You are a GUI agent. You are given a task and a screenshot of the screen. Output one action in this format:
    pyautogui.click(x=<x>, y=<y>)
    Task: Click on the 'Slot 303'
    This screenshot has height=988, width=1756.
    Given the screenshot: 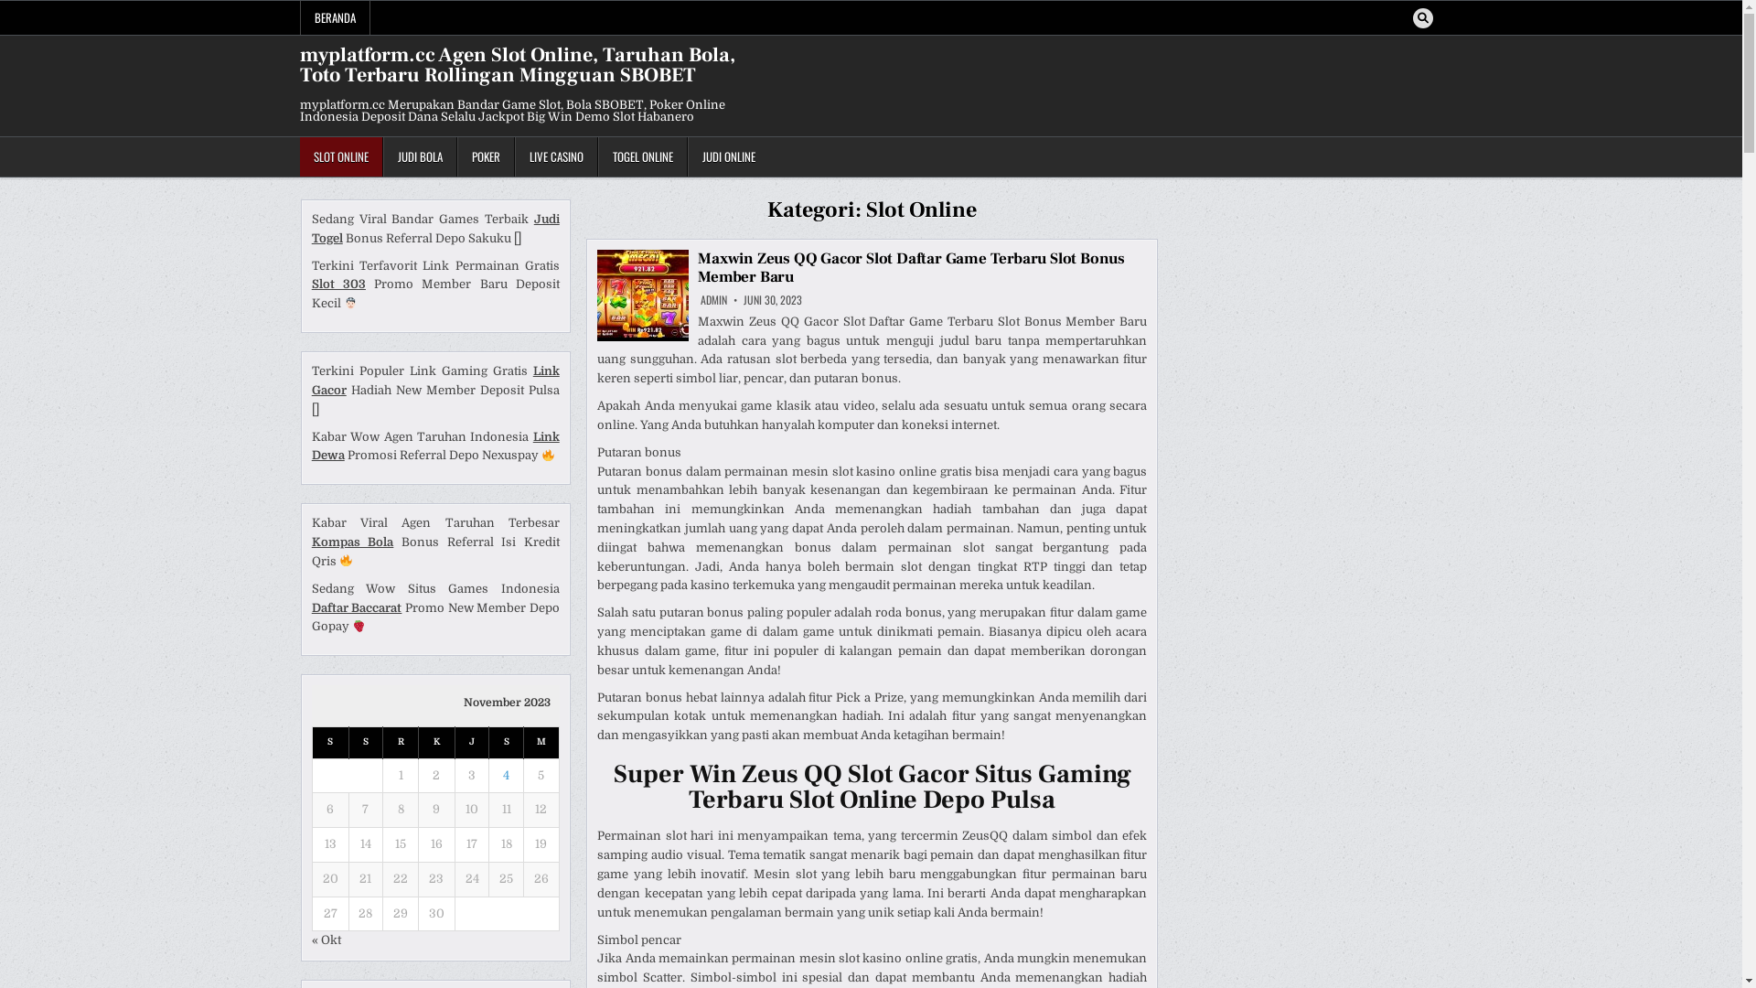 What is the action you would take?
    pyautogui.click(x=311, y=284)
    